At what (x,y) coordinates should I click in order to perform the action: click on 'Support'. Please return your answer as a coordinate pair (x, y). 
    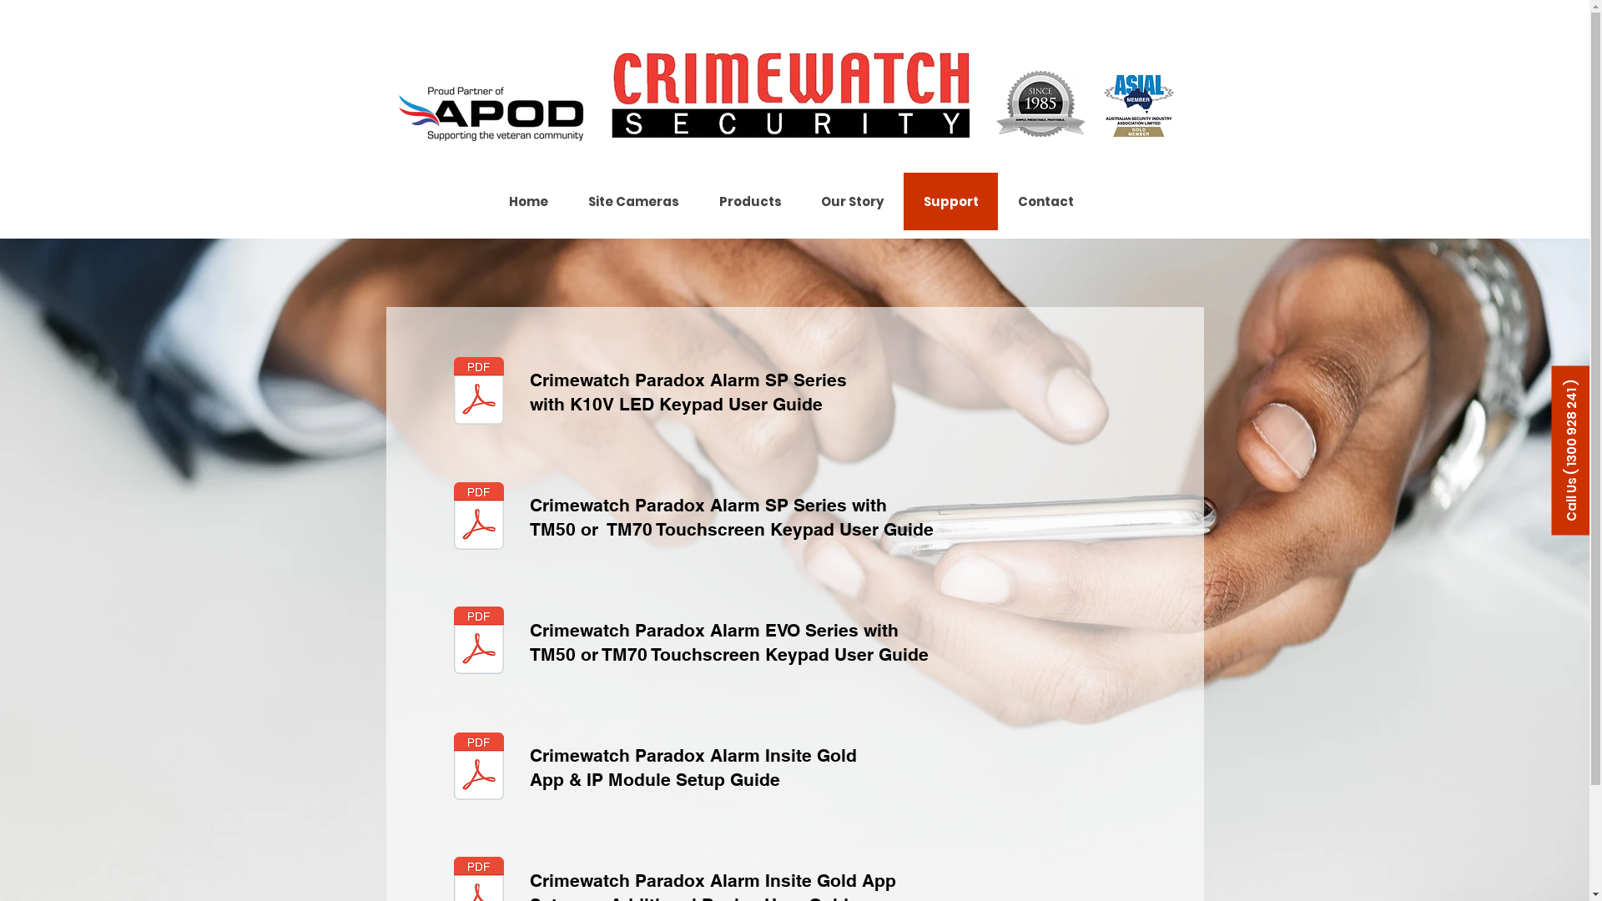
    Looking at the image, I should click on (950, 200).